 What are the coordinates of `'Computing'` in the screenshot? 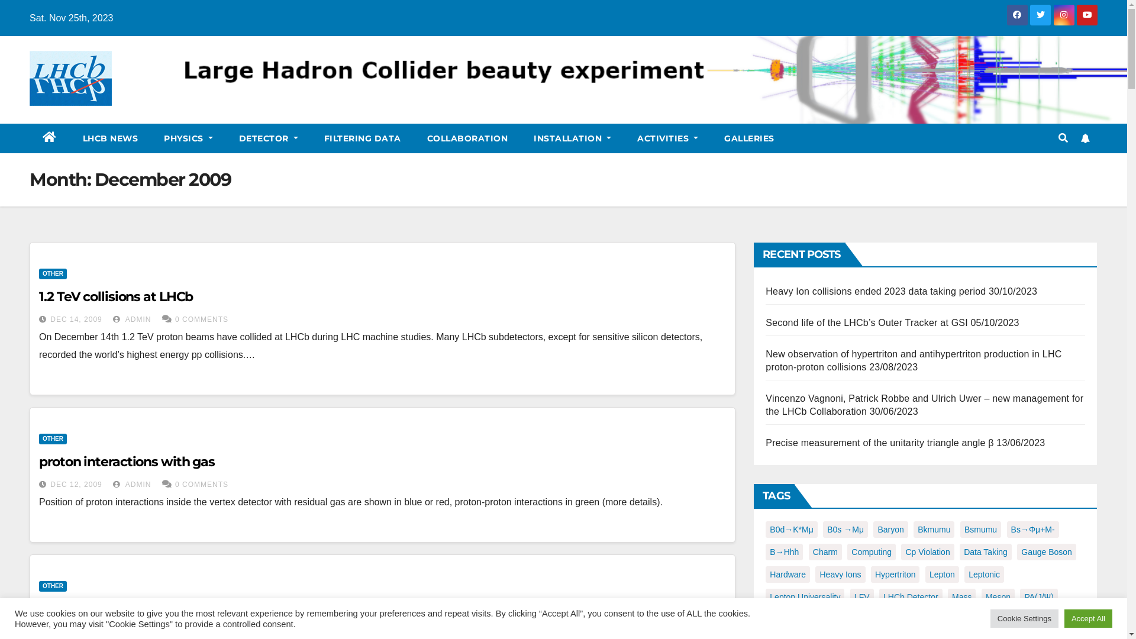 It's located at (872, 552).